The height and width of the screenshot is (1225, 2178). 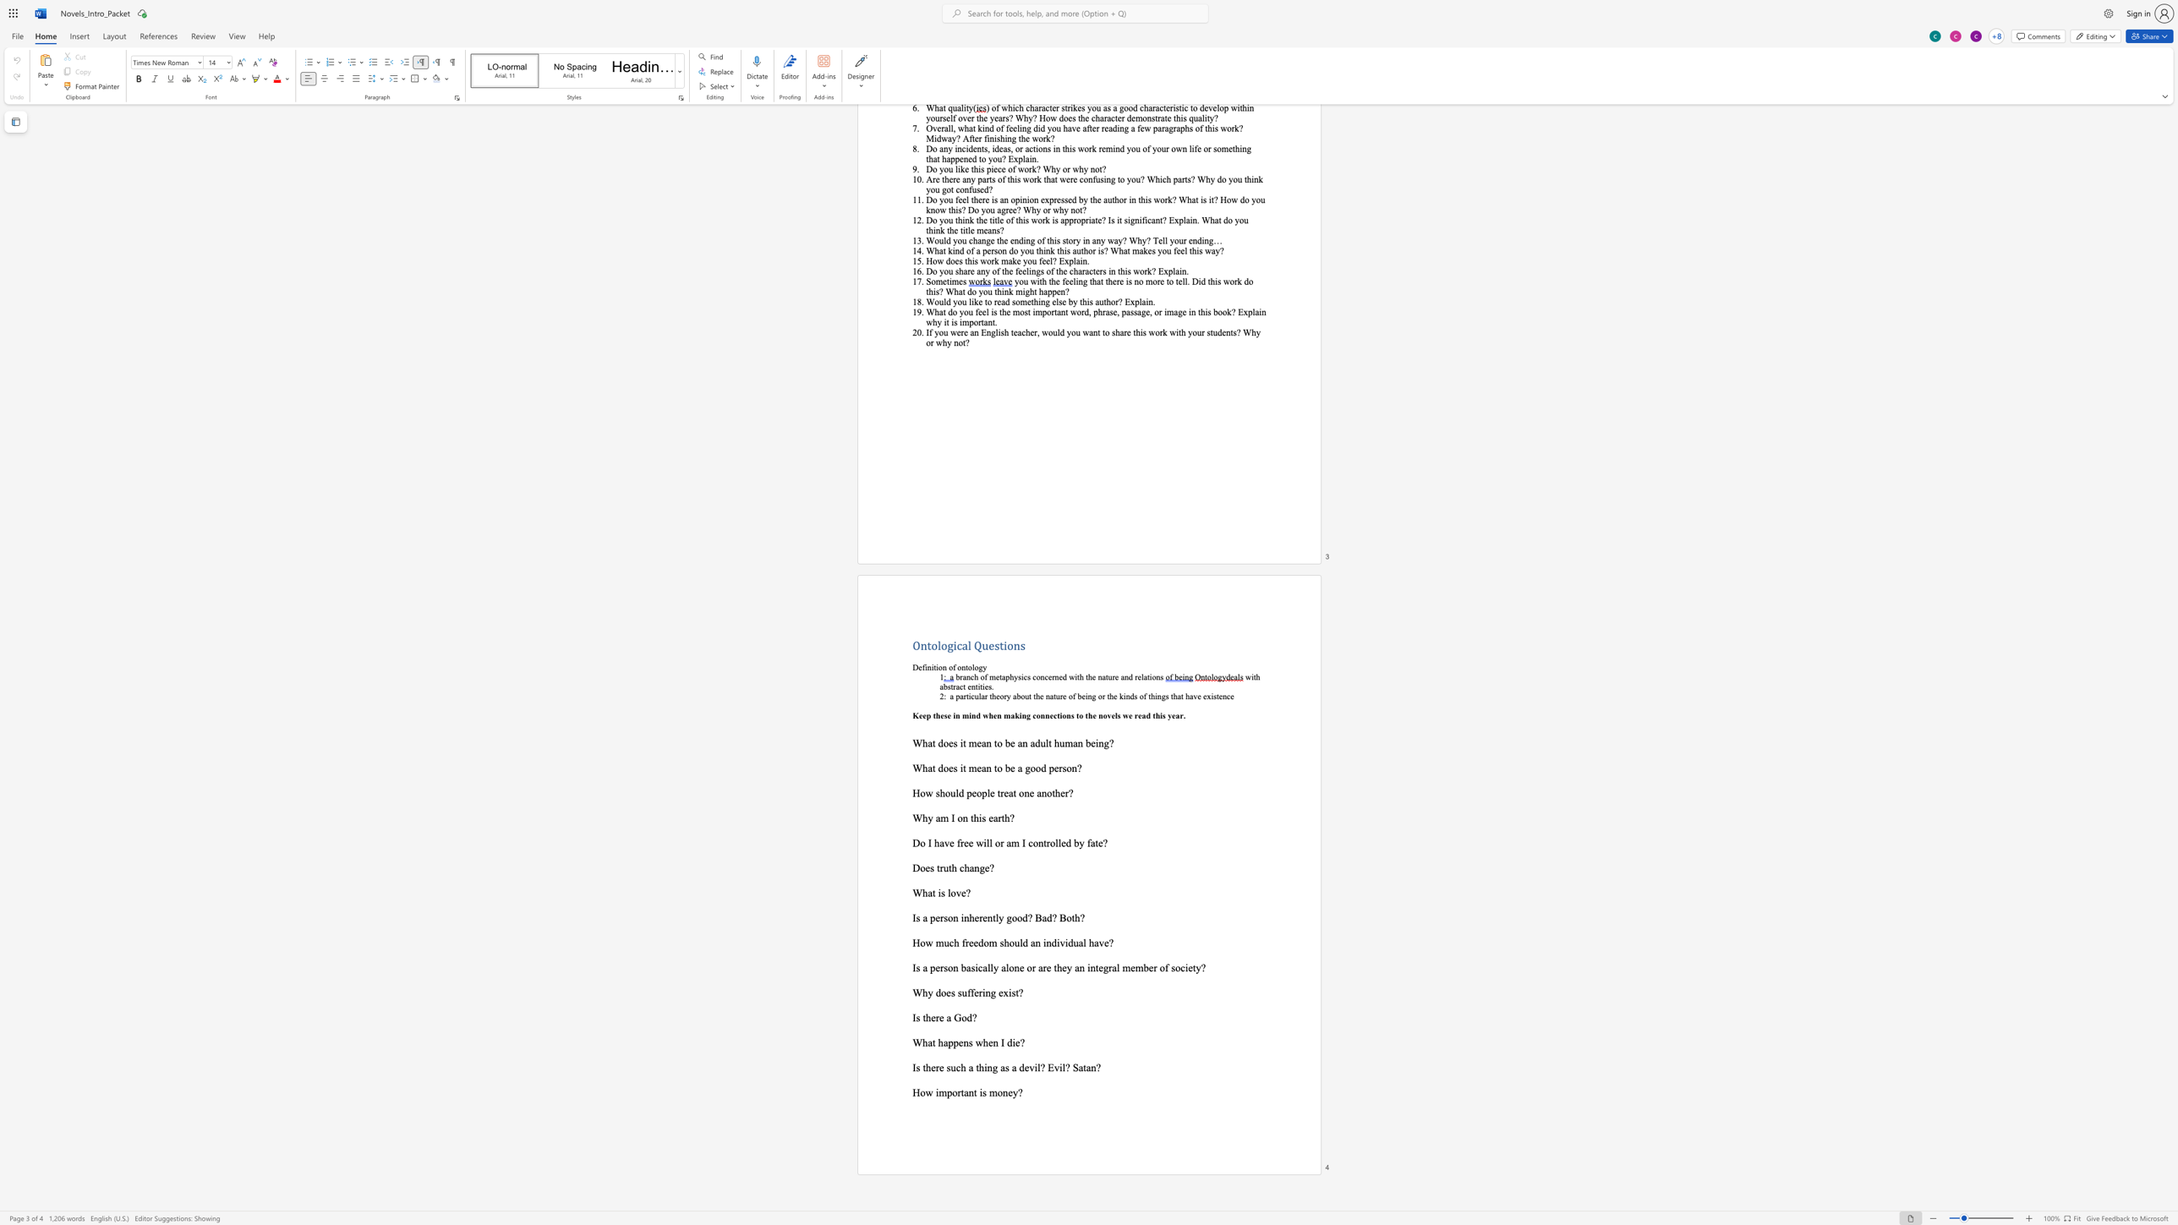 What do you see at coordinates (978, 867) in the screenshot?
I see `the space between the continuous character "n" and "g" in the text` at bounding box center [978, 867].